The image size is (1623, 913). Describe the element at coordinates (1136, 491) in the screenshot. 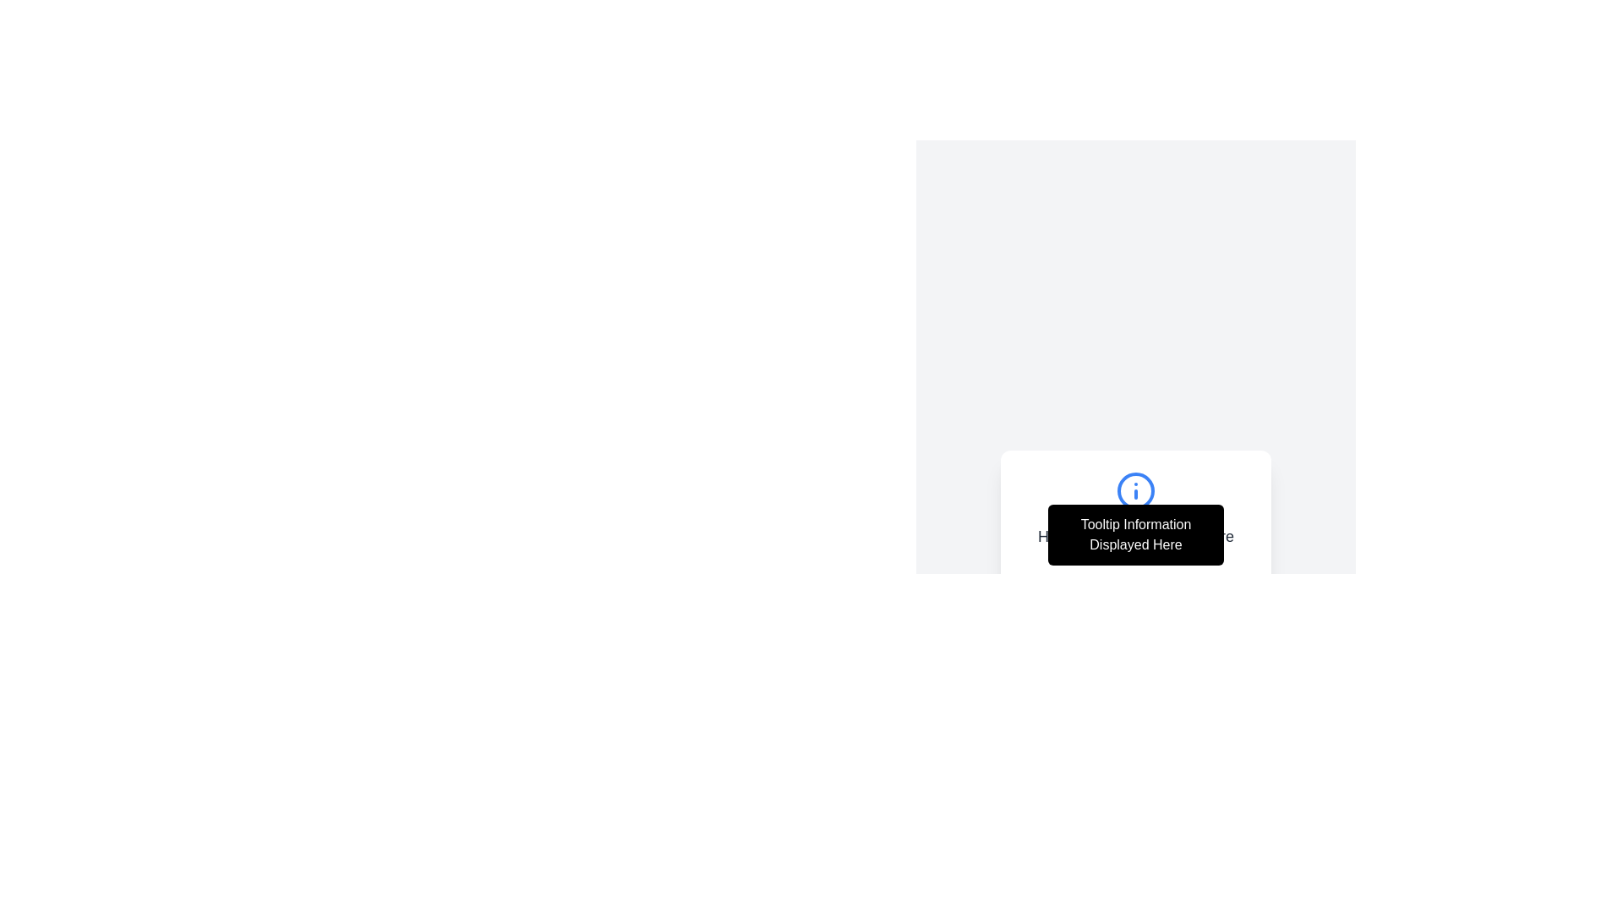

I see `the information icon located at the top of the card component, which indicates additional details` at that location.